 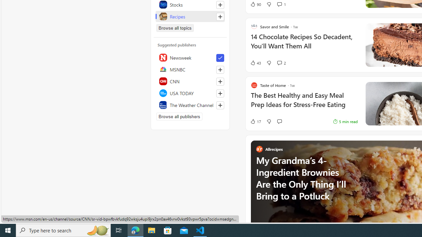 I want to click on 'Recipes', so click(x=190, y=16).